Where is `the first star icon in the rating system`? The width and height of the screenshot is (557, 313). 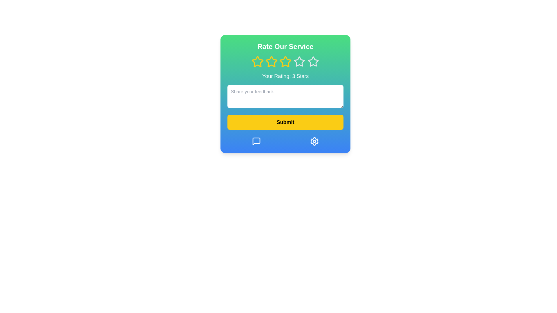 the first star icon in the rating system is located at coordinates (257, 61).